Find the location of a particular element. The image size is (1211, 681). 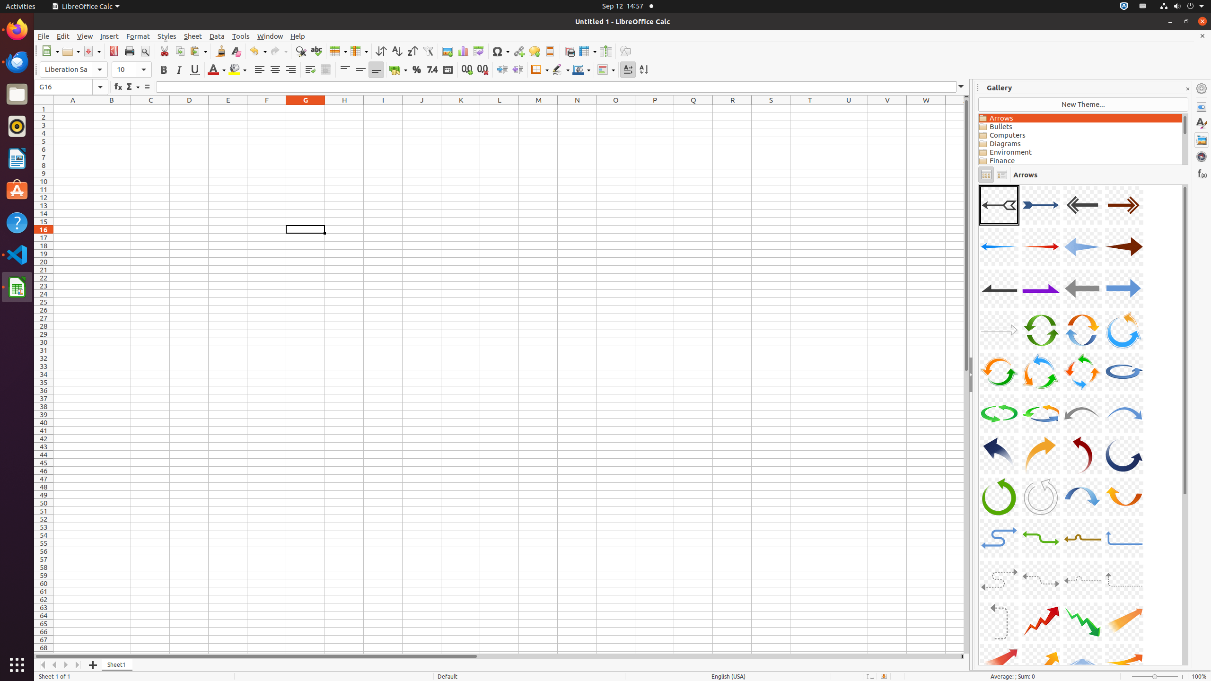

'Q1' is located at coordinates (693, 108).